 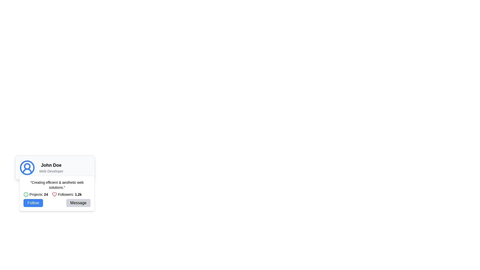 I want to click on the bolded numeric portion of the text 'Followers: 1.2k' in the lower portion of the profile card interface, so click(x=78, y=194).